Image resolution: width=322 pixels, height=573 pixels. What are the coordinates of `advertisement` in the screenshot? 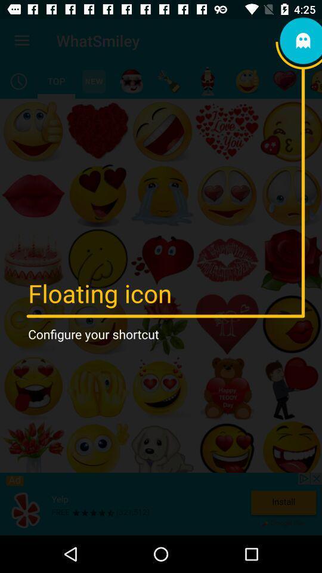 It's located at (161, 503).